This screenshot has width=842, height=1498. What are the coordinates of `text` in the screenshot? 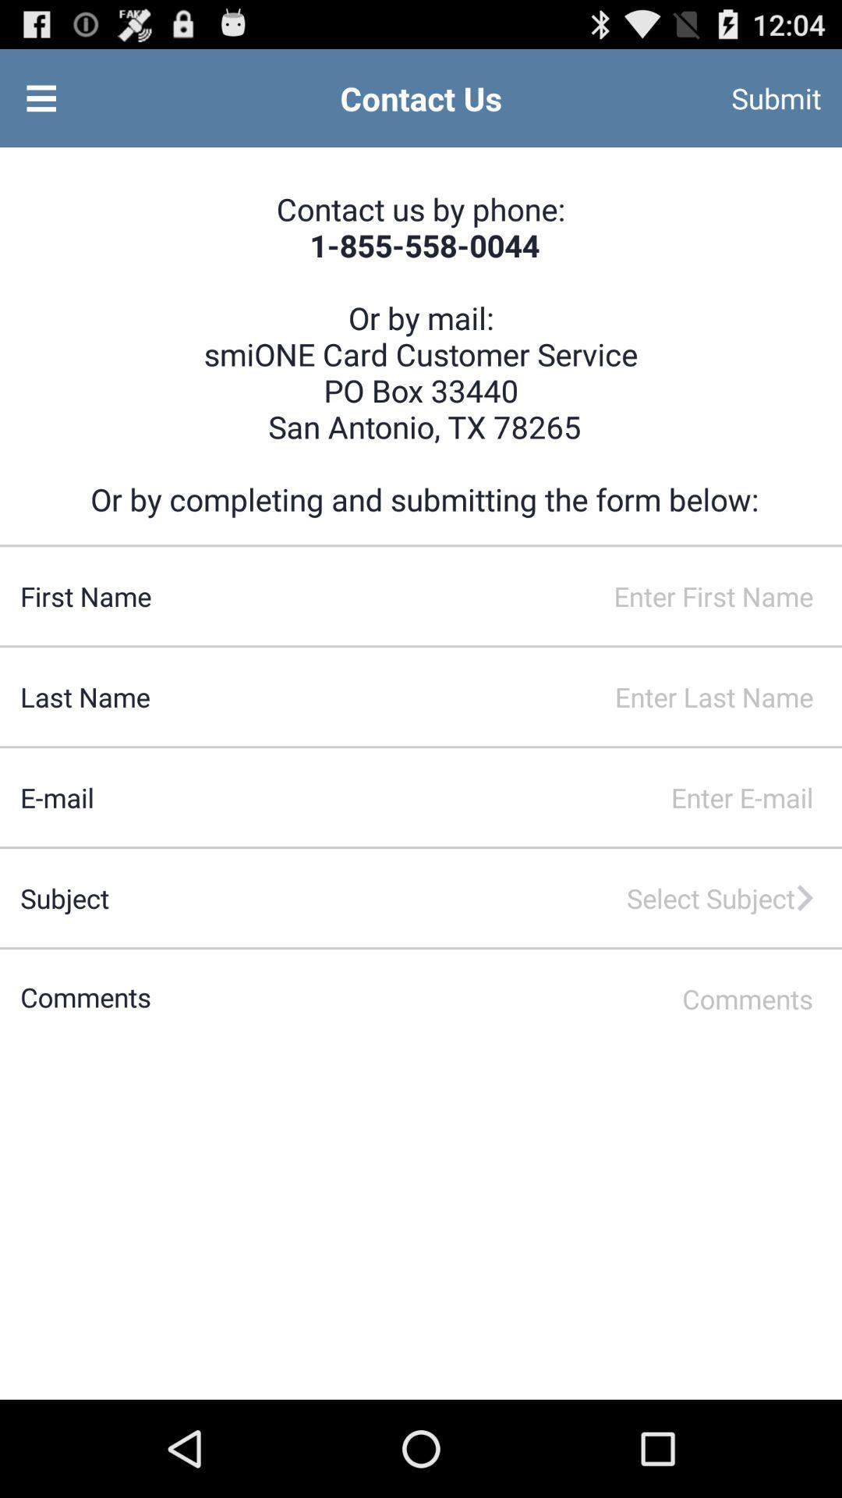 It's located at (497, 999).